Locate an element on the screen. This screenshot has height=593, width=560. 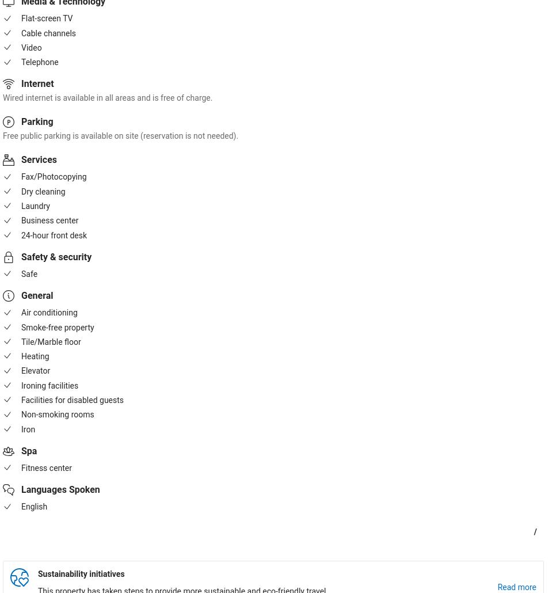
'Video' is located at coordinates (31, 47).